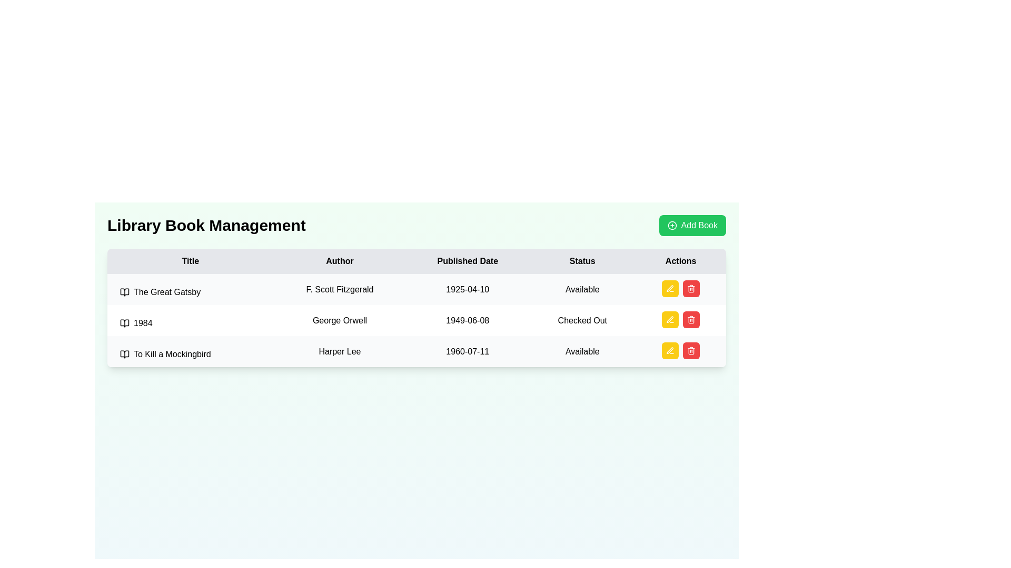  Describe the element at coordinates (124, 292) in the screenshot. I see `the open book icon located in the 'Title' column of the top row, to the left of the text 'The Great Gatsby'` at that location.